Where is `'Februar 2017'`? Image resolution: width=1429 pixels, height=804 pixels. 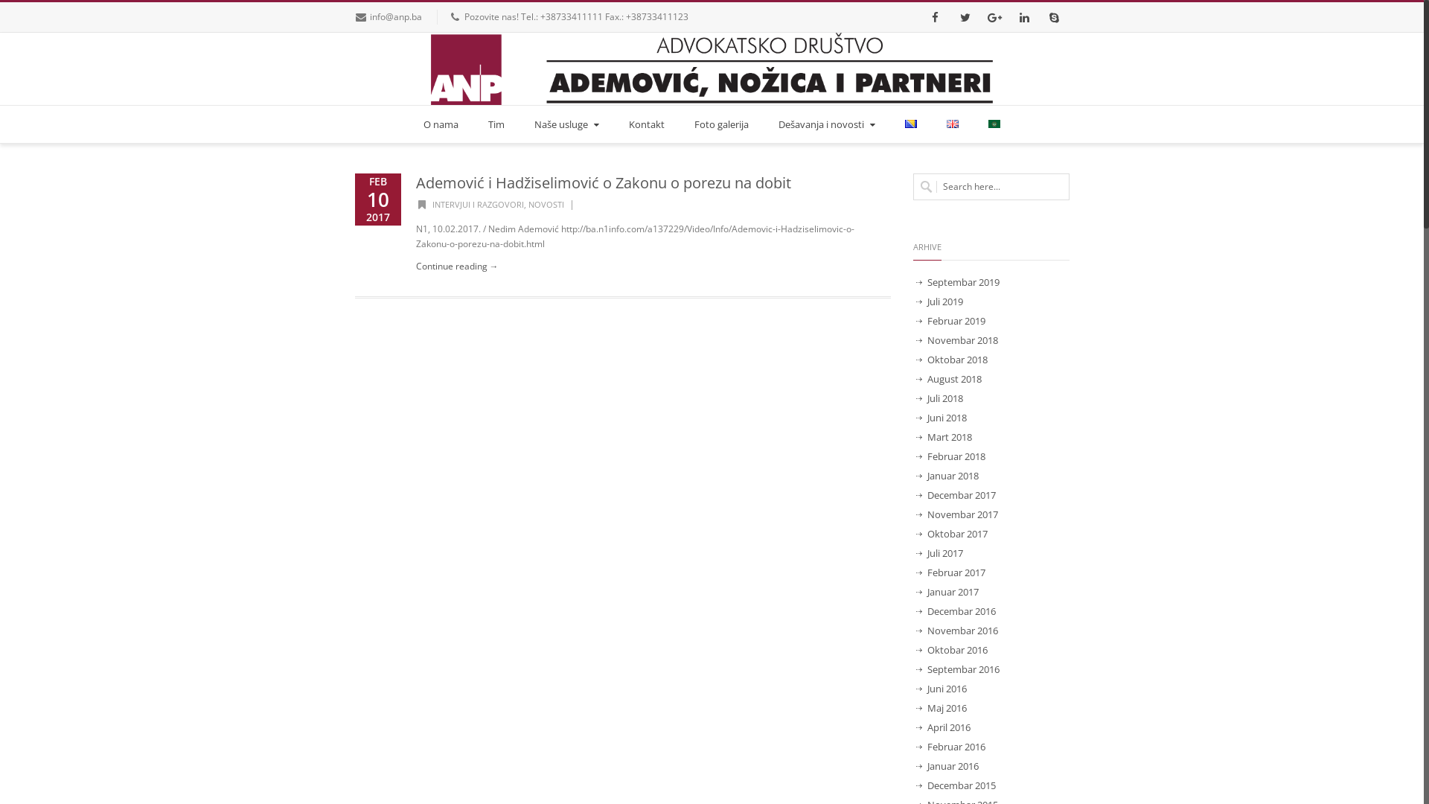
'Februar 2017' is located at coordinates (950, 571).